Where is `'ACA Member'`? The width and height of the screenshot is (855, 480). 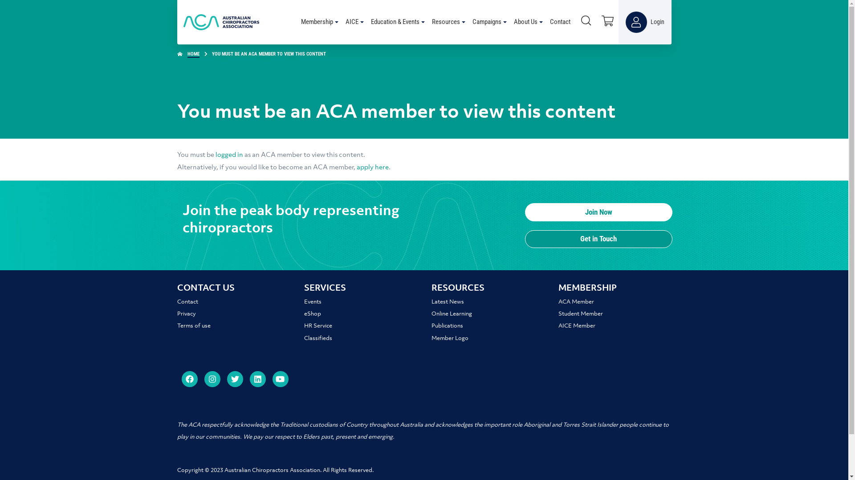
'ACA Member' is located at coordinates (576, 301).